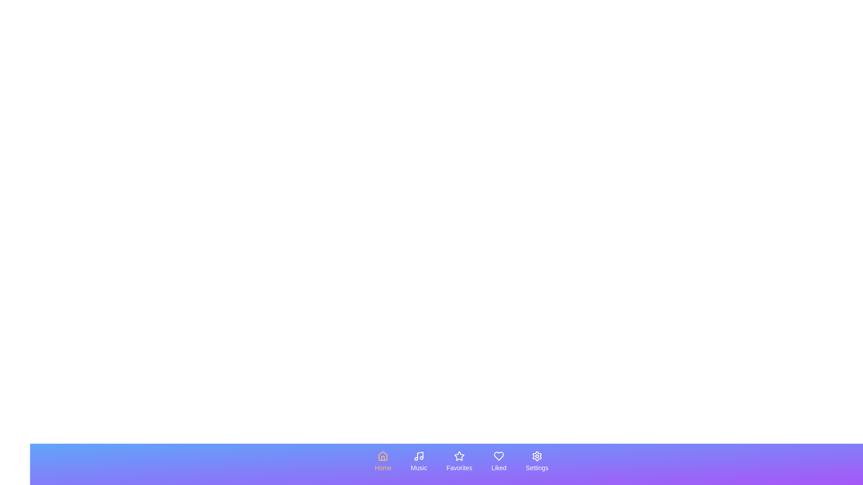 The height and width of the screenshot is (485, 863). I want to click on the tab labeled Favorites to observe its visual feedback, so click(459, 462).